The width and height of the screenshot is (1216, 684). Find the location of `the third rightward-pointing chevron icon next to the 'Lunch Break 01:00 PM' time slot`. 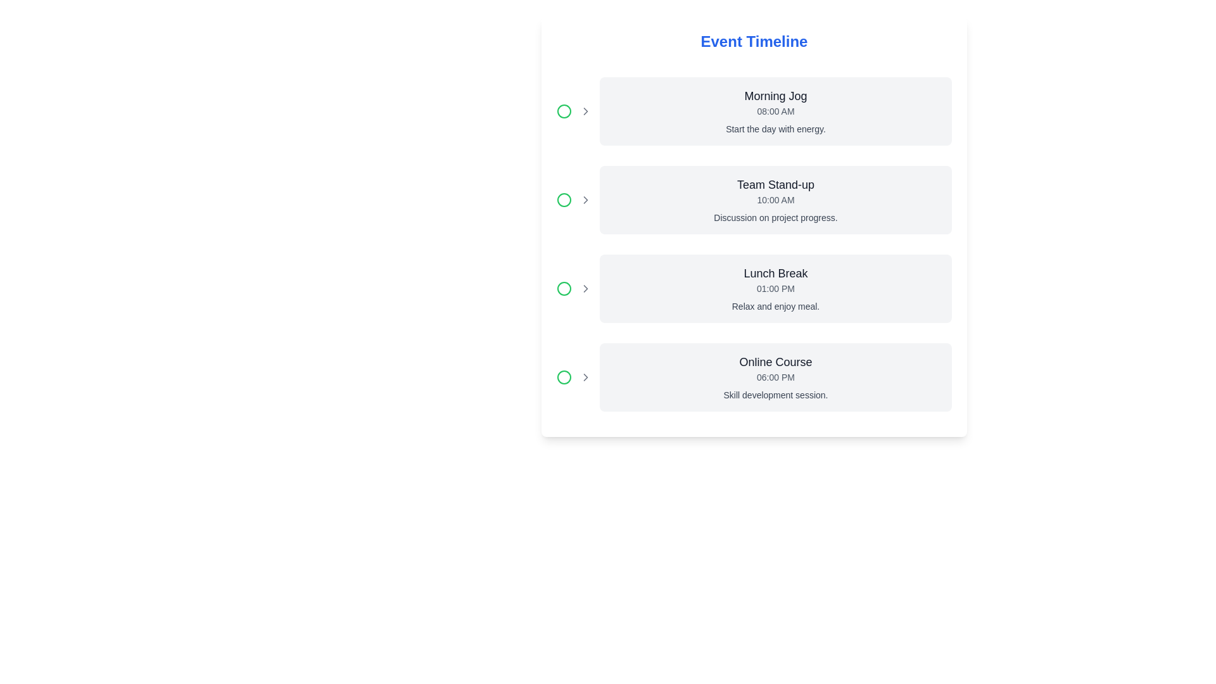

the third rightward-pointing chevron icon next to the 'Lunch Break 01:00 PM' time slot is located at coordinates (585, 288).